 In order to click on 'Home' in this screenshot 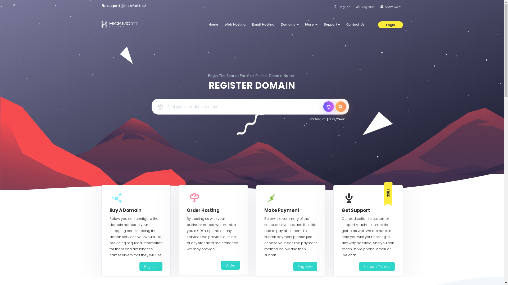, I will do `click(213, 24)`.